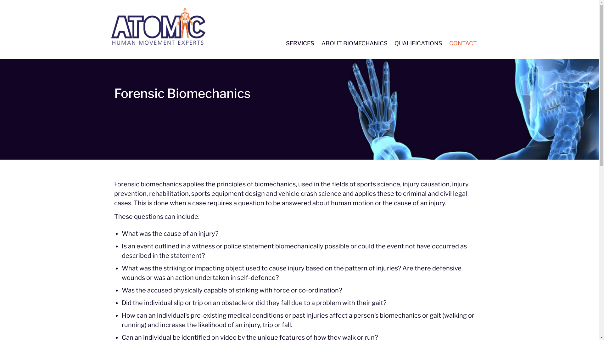 The height and width of the screenshot is (340, 604). I want to click on 'CONTACT', so click(463, 42).